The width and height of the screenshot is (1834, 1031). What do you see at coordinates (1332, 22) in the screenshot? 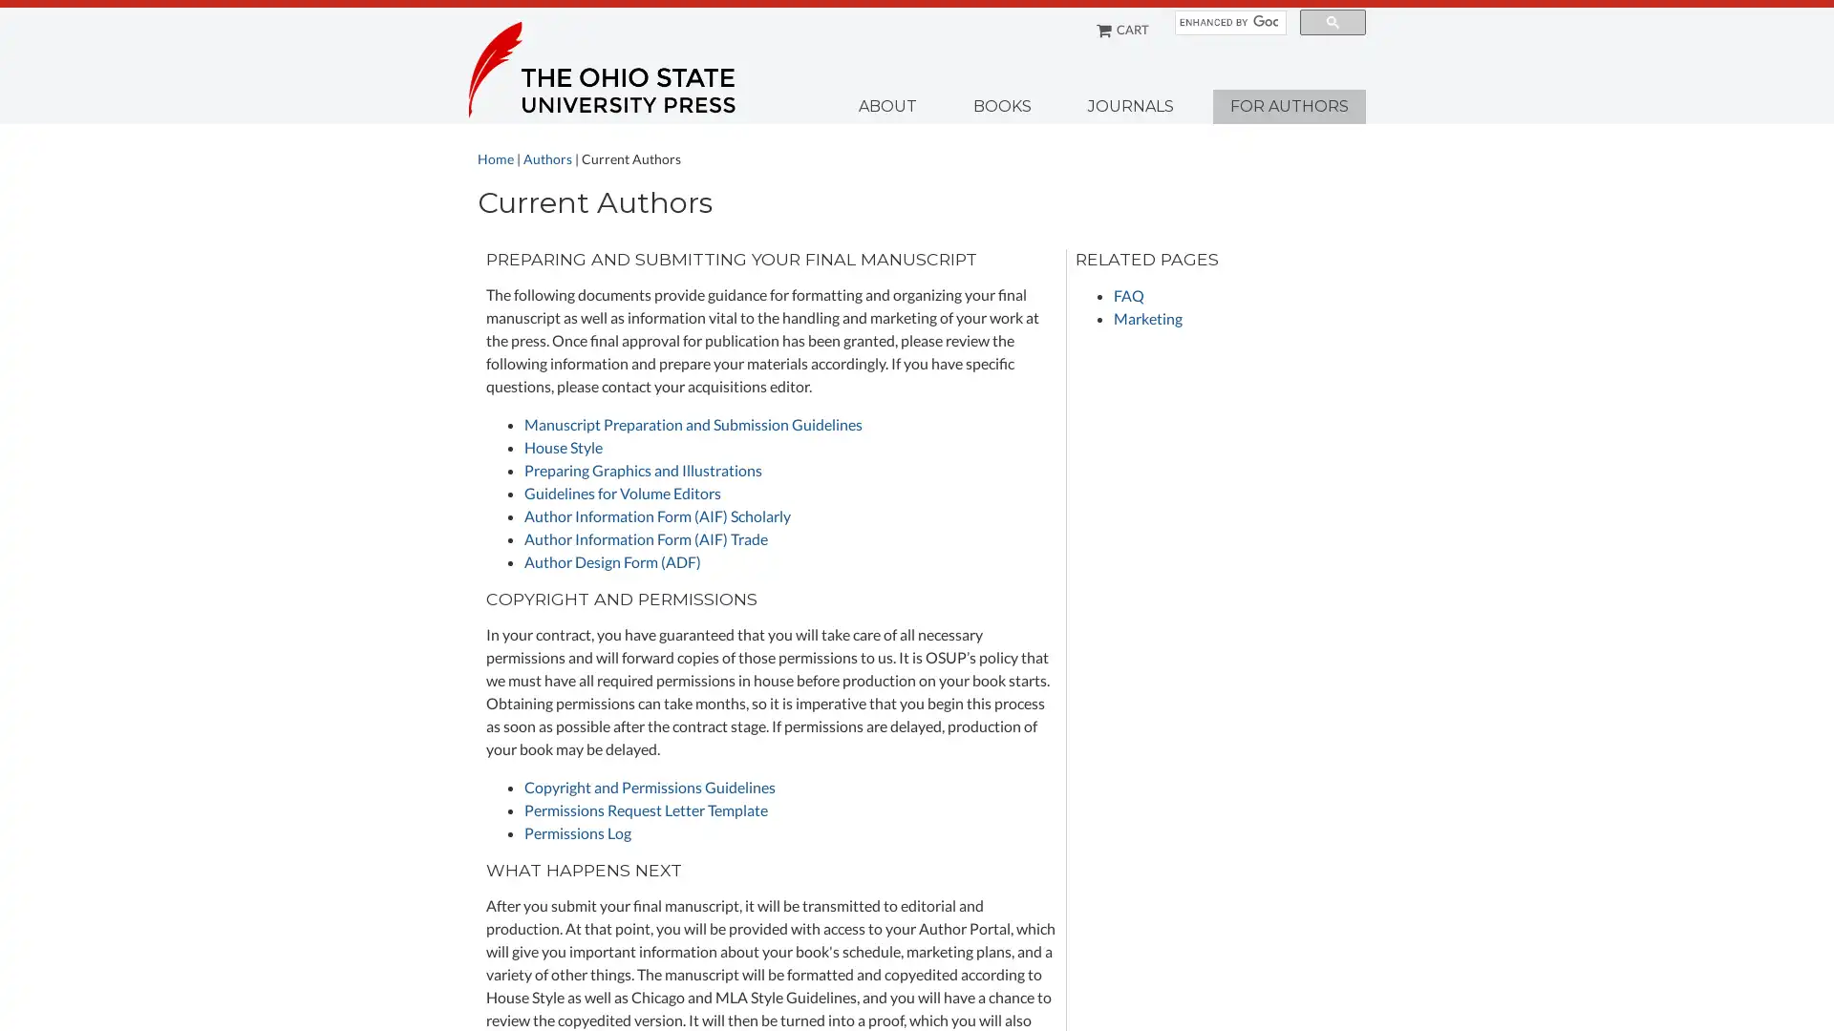
I see `search` at bounding box center [1332, 22].